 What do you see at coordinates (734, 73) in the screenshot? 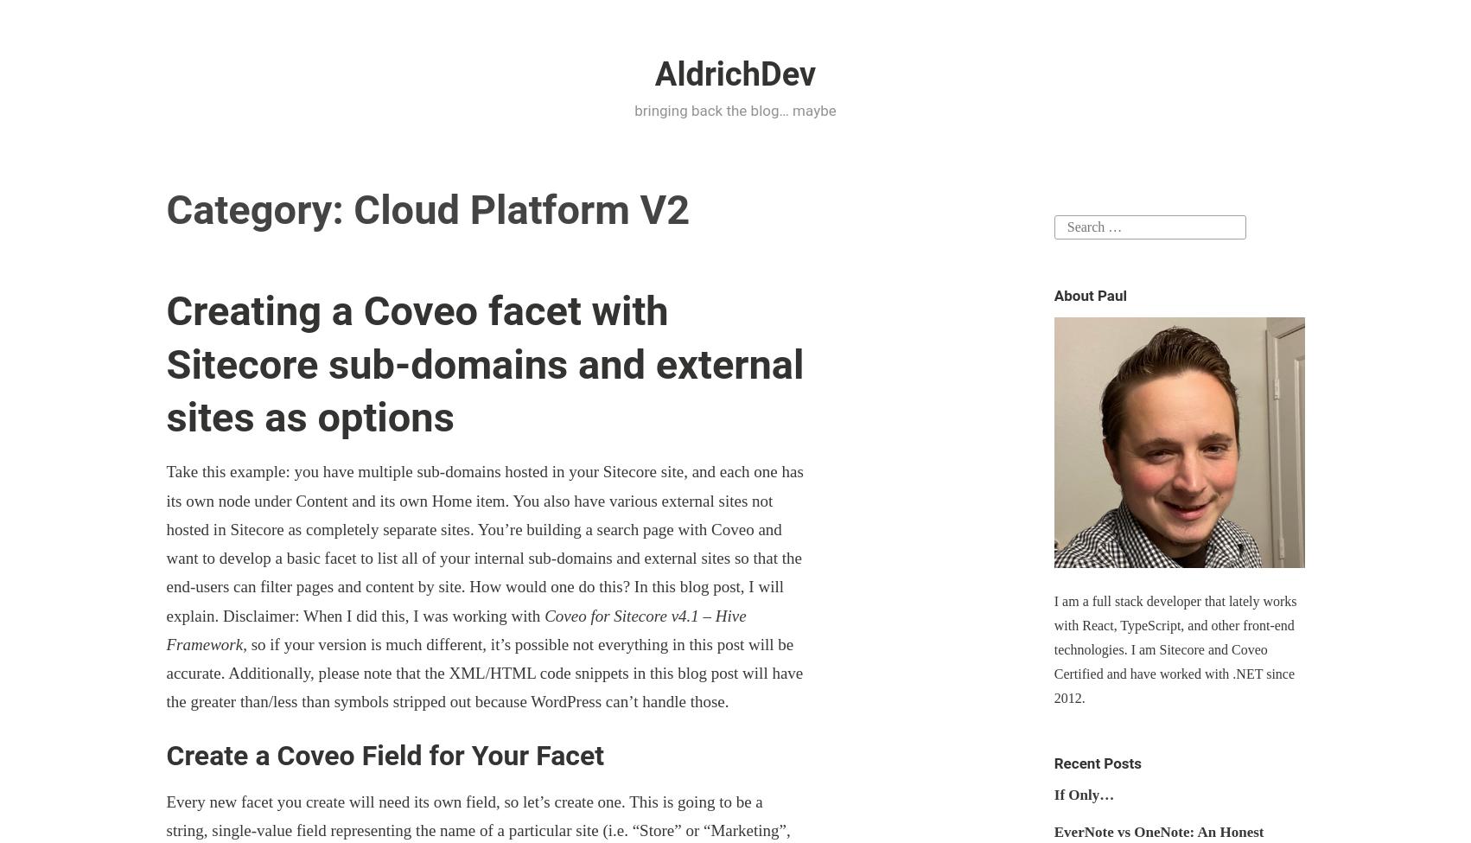
I see `'AldrichDev'` at bounding box center [734, 73].